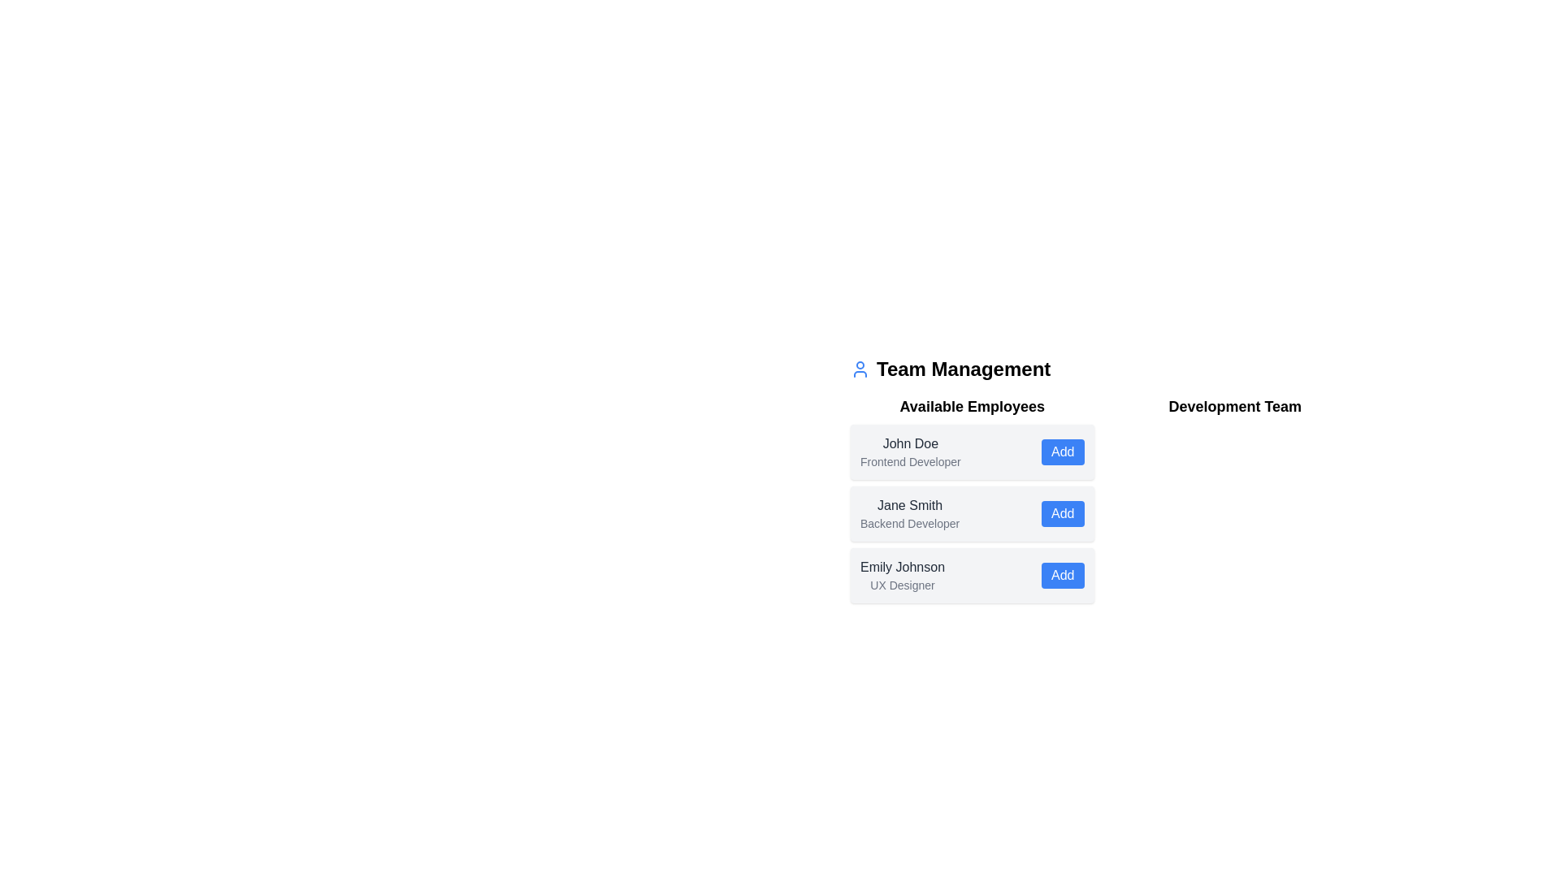 The height and width of the screenshot is (877, 1560). I want to click on the 'Add' button in the left column of the grid layout under the 'Team Management' section, so click(1103, 498).